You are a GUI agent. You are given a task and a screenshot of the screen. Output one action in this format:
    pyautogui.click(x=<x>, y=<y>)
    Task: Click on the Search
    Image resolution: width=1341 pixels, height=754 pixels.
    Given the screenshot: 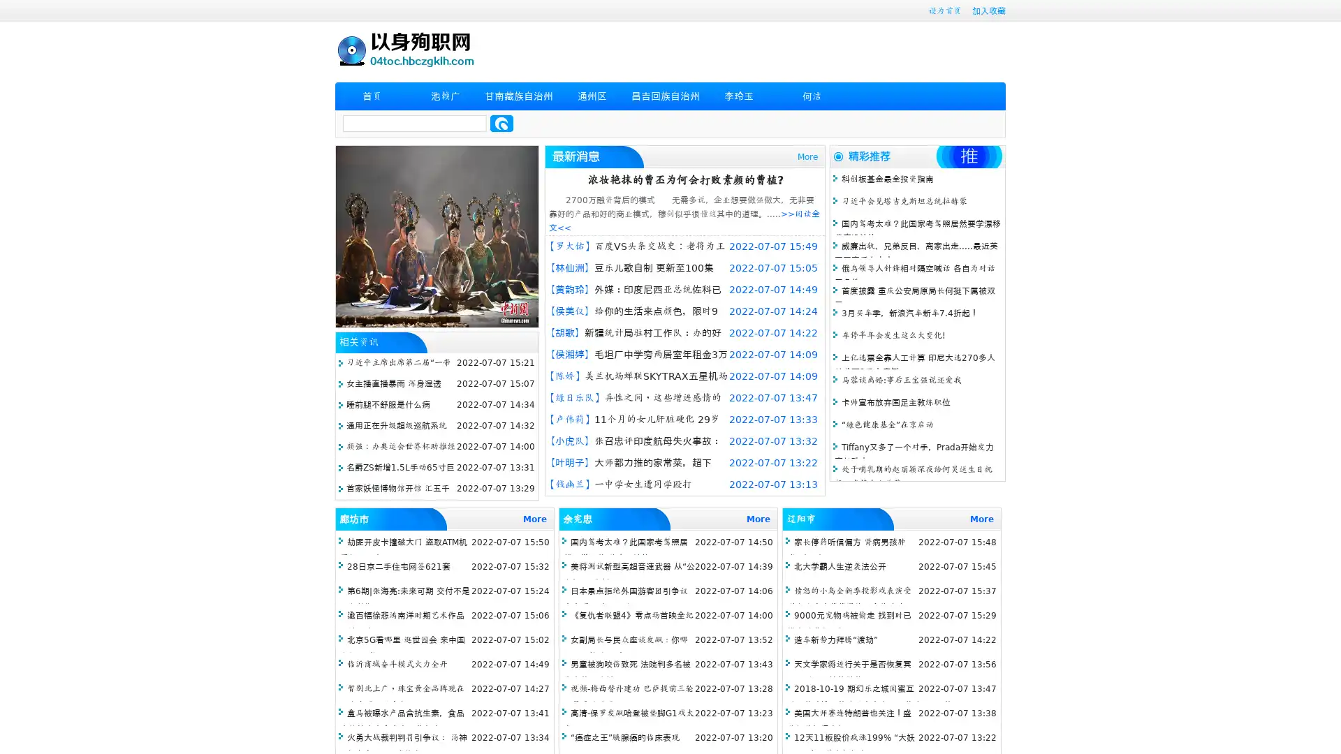 What is the action you would take?
    pyautogui.click(x=501, y=123)
    